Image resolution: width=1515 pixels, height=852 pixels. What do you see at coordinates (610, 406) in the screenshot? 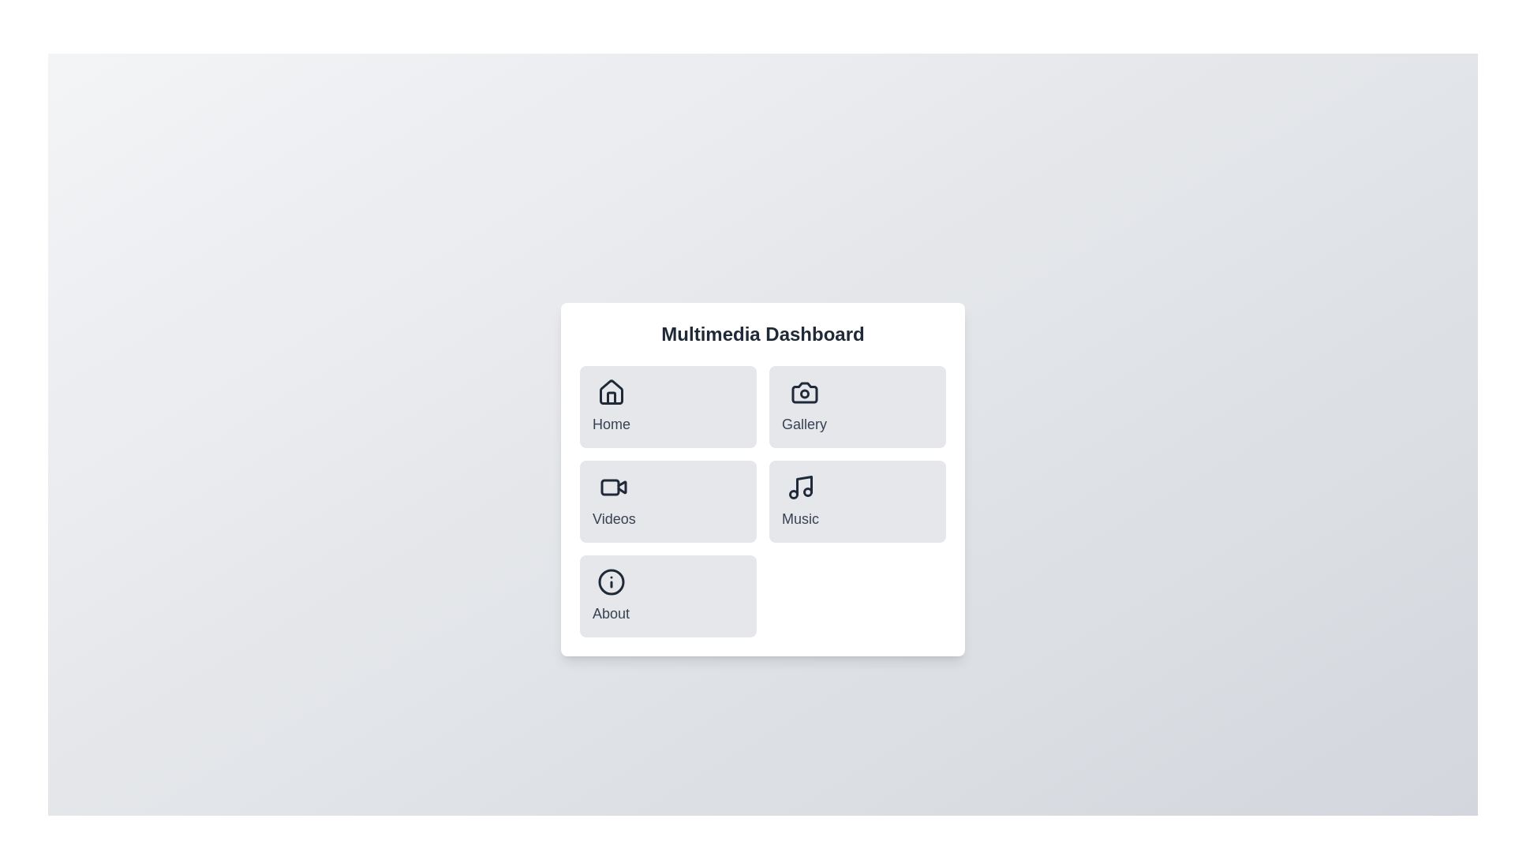
I see `the menu item labeled Home to display its description` at bounding box center [610, 406].